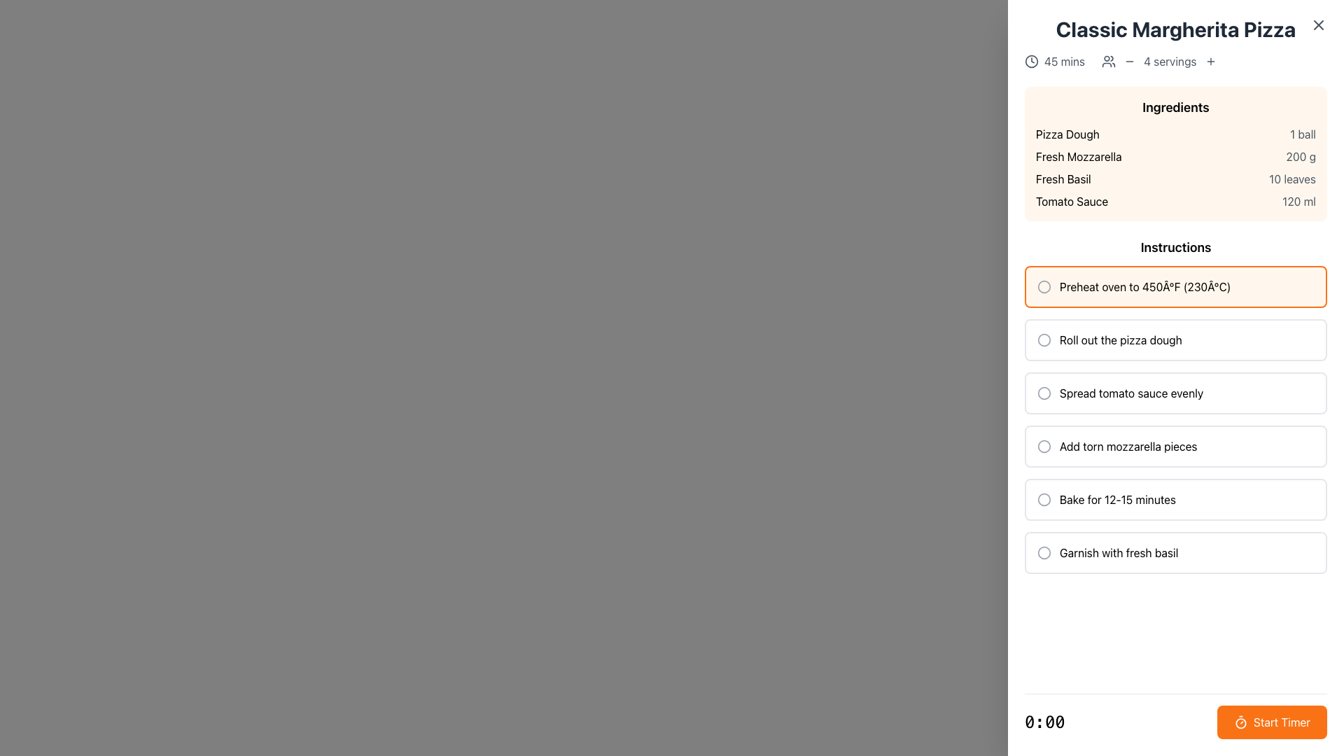 The width and height of the screenshot is (1344, 756). Describe the element at coordinates (1044, 552) in the screenshot. I see `the icon in the 'Instructions' section that indicates 'Garnish with fresh basil', which is the last element in the vertical list of icons` at that location.